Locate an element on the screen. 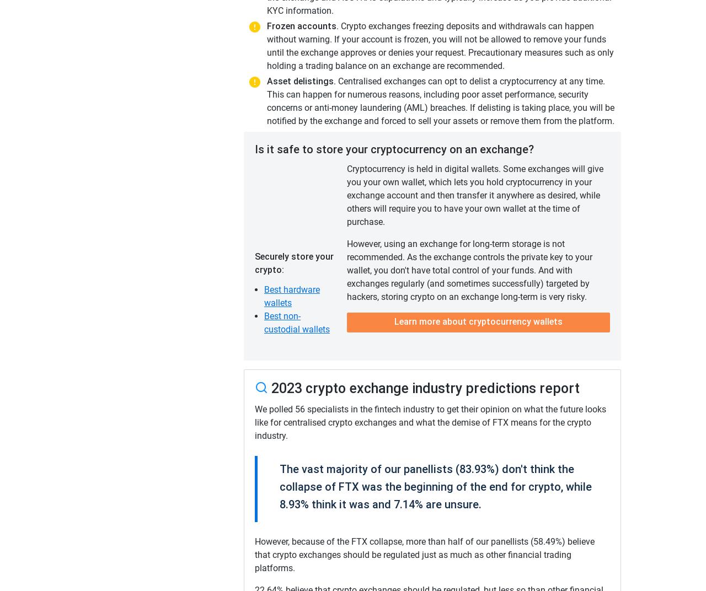 The height and width of the screenshot is (591, 706). 'Securely store your crypto:' is located at coordinates (254, 263).